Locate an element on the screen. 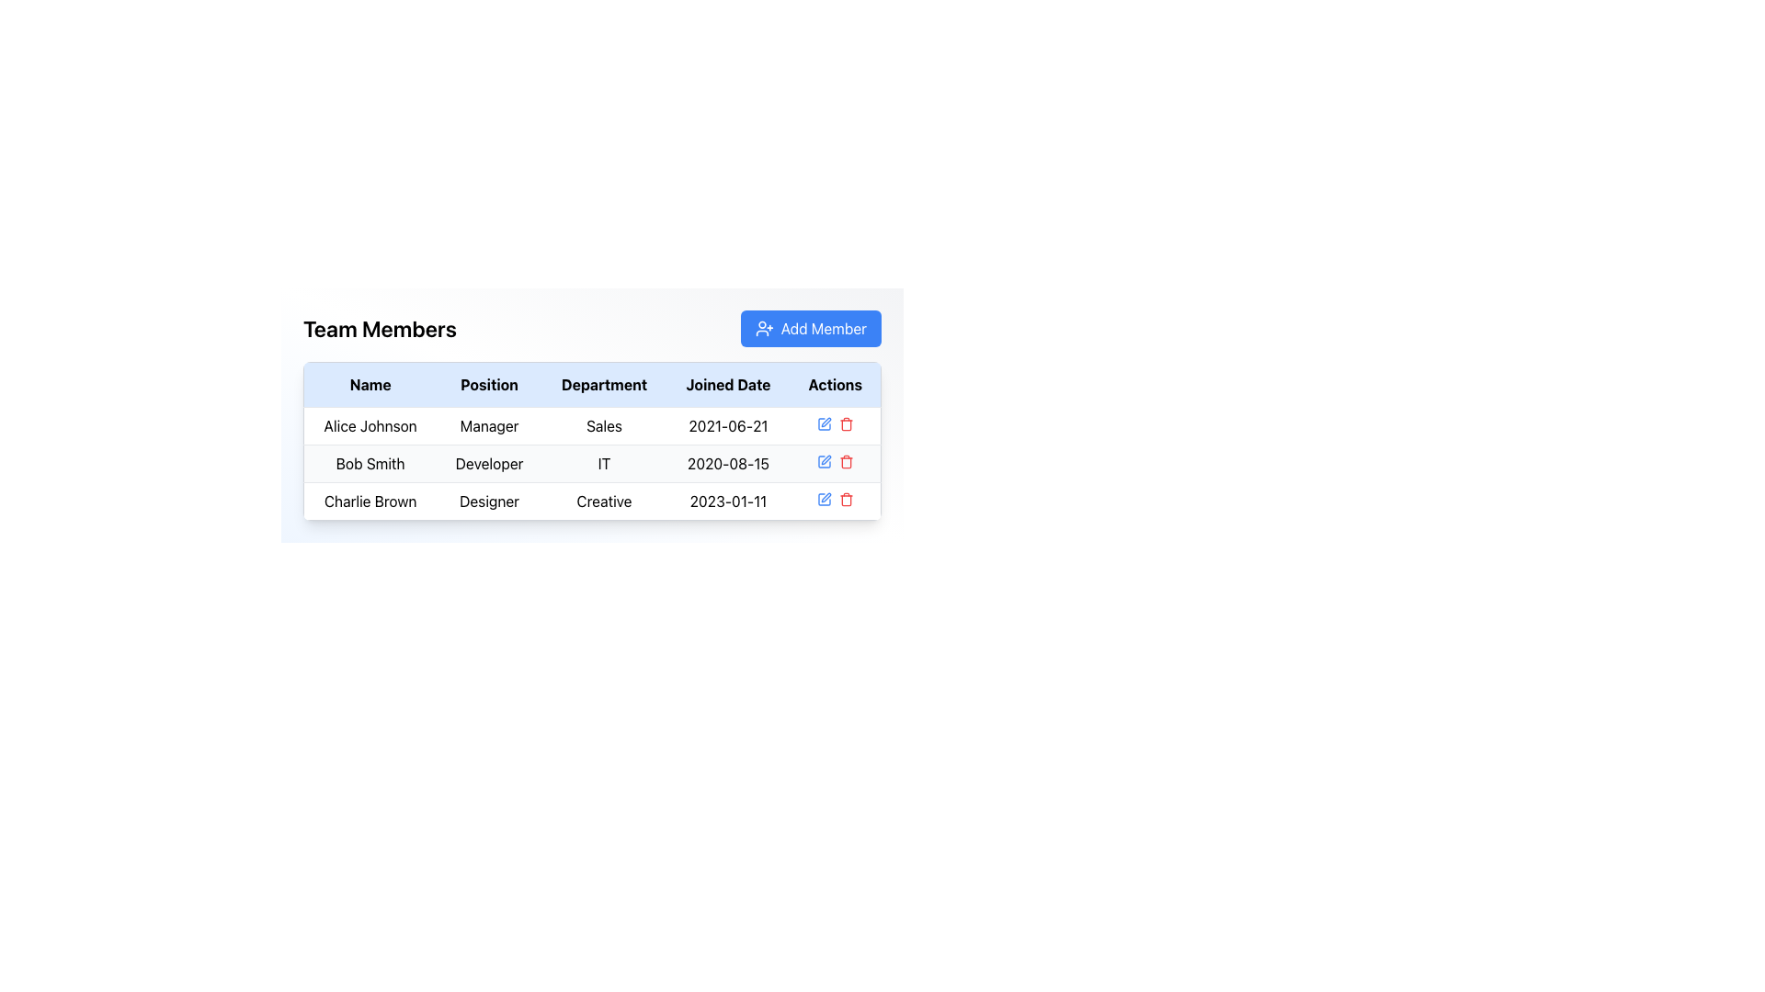 Image resolution: width=1765 pixels, height=992 pixels. the 'Add Member' label located on the blue button is located at coordinates (823, 328).